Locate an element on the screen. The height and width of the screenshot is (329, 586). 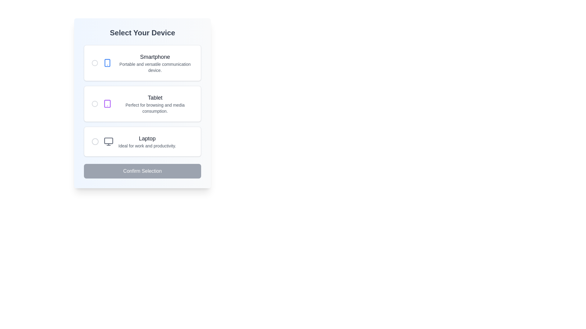
the interactive radio button for the 'Smartphone' option, which is positioned to the left of the text header and icon within the first selectable card is located at coordinates (94, 63).